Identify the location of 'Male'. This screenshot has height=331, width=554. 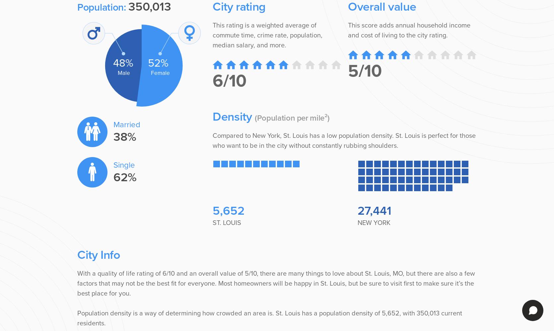
(123, 73).